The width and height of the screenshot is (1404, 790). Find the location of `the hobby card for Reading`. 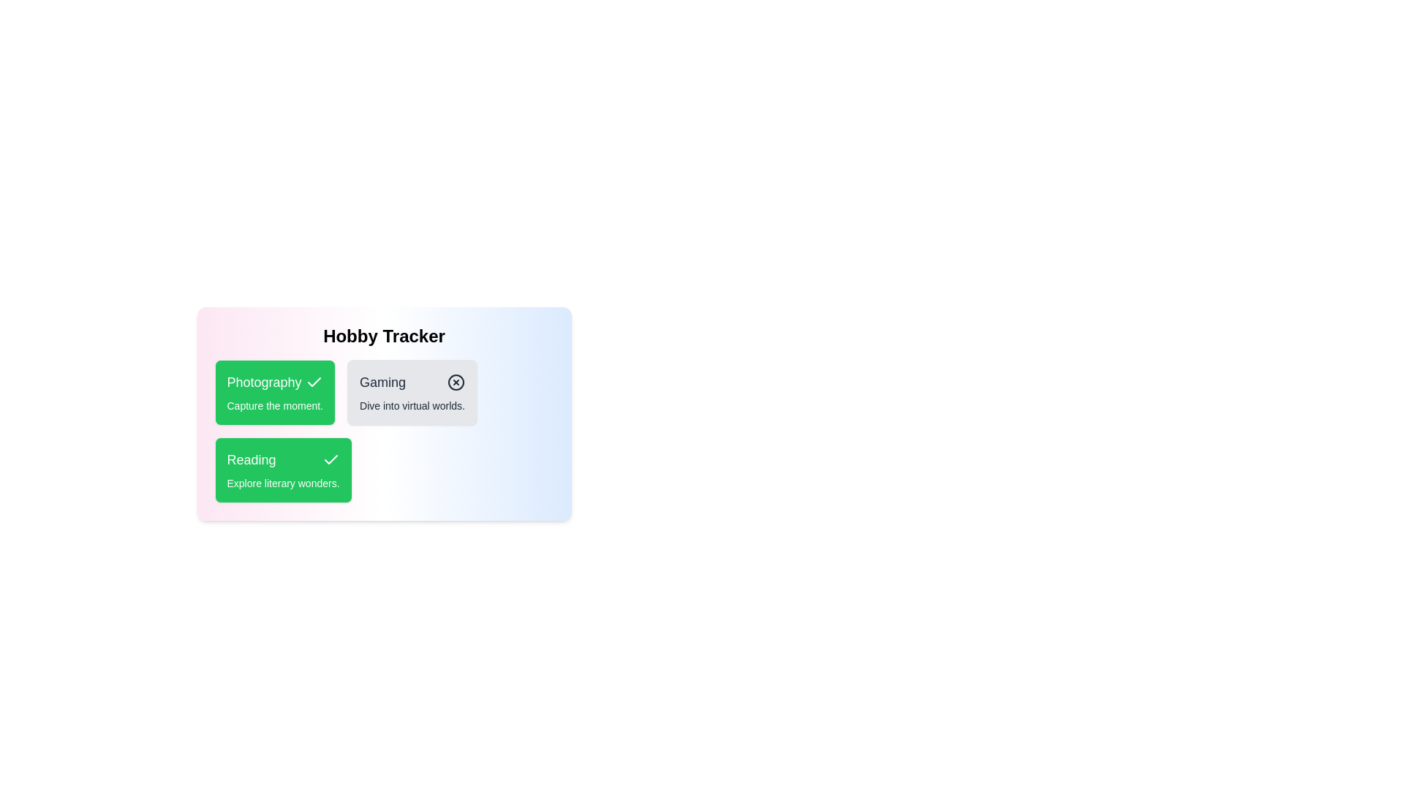

the hobby card for Reading is located at coordinates (283, 470).